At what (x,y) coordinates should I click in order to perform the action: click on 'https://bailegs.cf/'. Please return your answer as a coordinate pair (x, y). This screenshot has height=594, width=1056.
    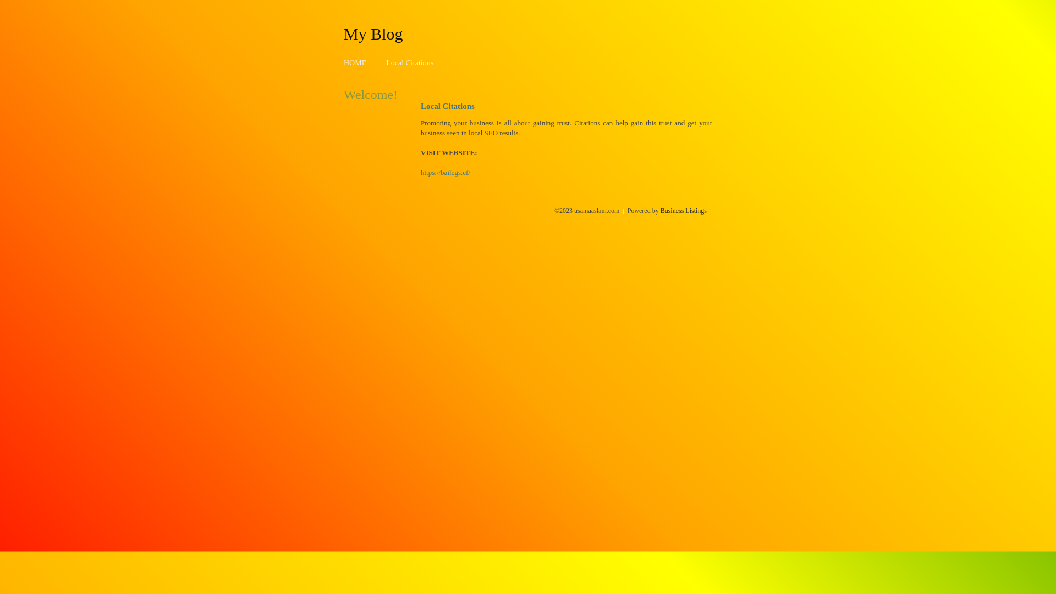
    Looking at the image, I should click on (446, 172).